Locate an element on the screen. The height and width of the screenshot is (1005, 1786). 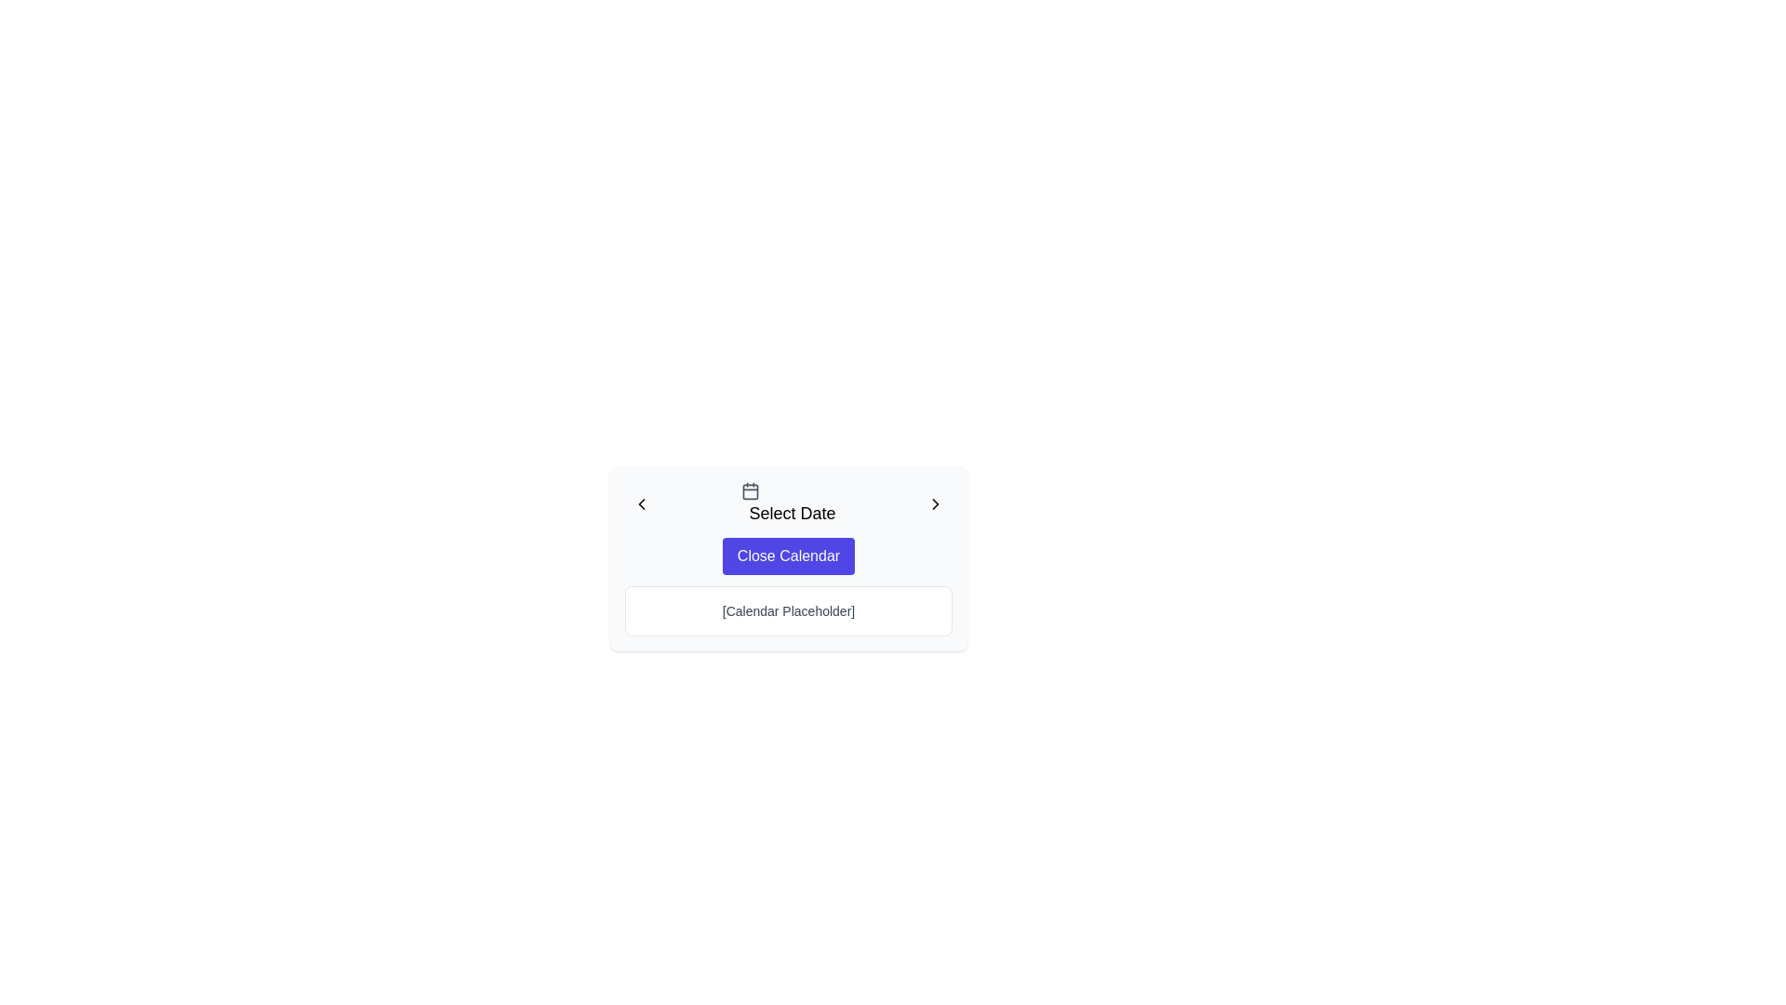
the left-pointing arrow icon button located to the far left of the 'Select Date' title is located at coordinates (642, 504).